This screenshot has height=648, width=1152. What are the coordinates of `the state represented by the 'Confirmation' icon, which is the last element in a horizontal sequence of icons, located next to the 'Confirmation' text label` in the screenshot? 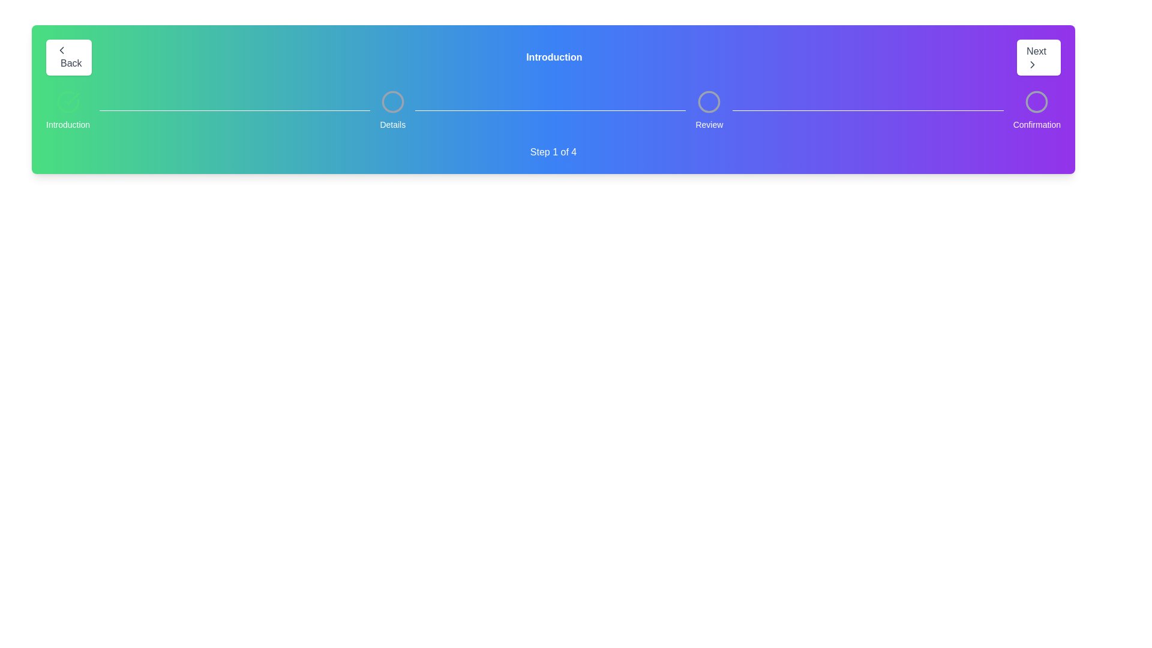 It's located at (1036, 101).